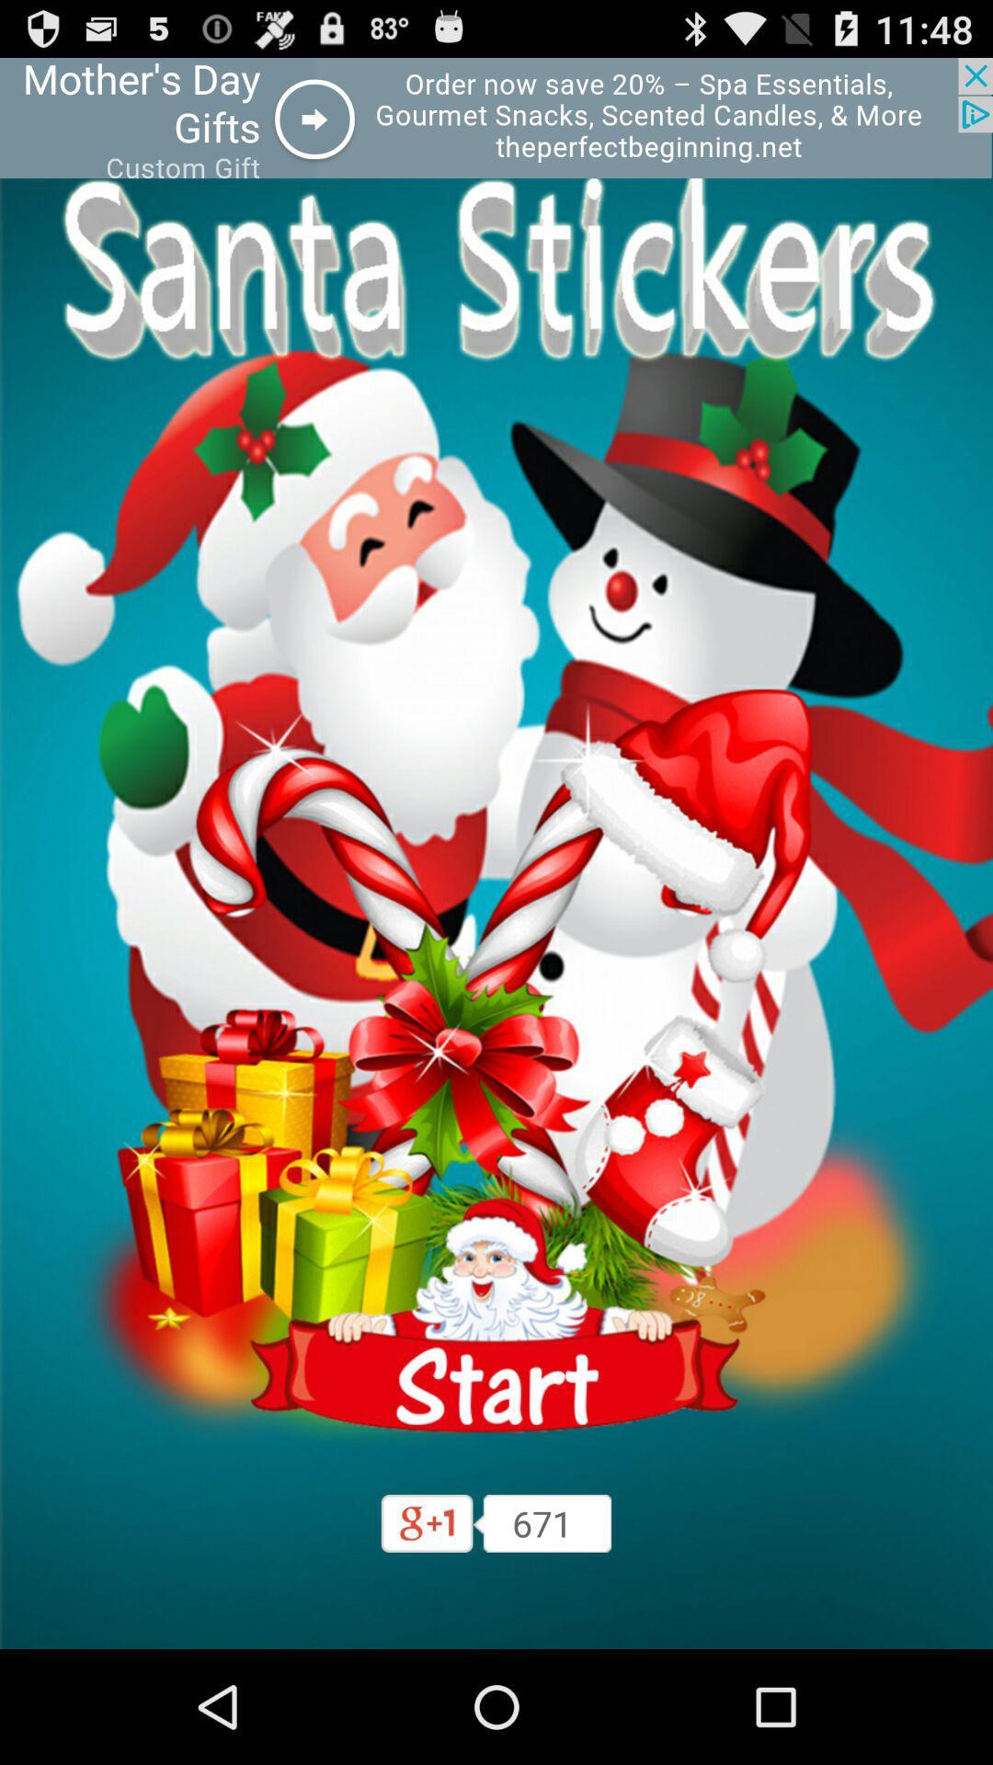  I want to click on the option, so click(496, 117).